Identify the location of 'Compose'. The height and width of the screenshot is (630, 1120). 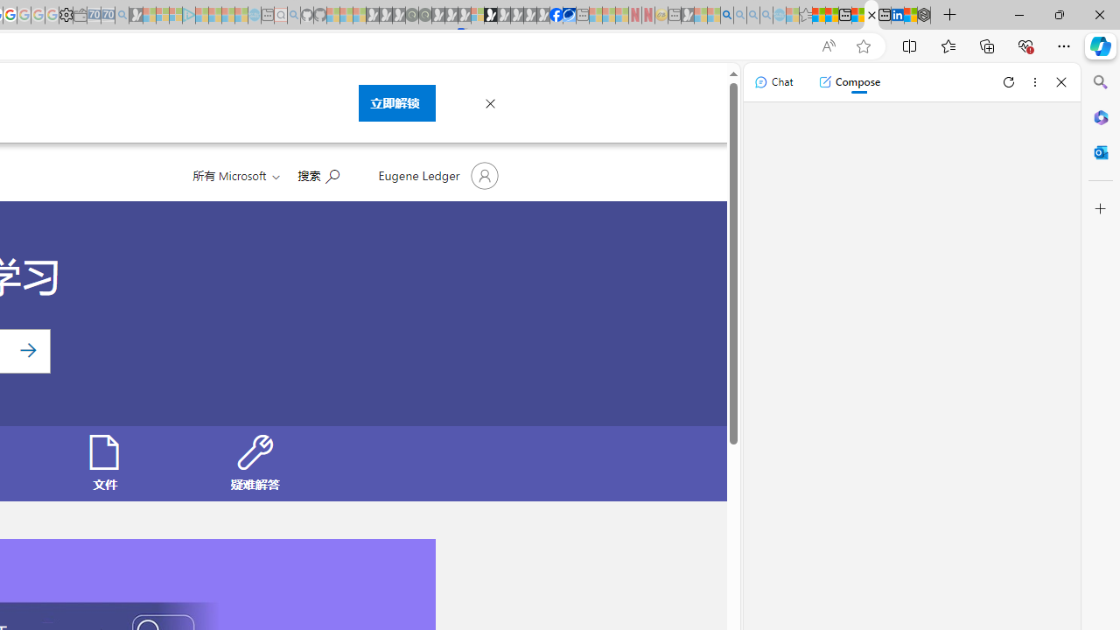
(849, 81).